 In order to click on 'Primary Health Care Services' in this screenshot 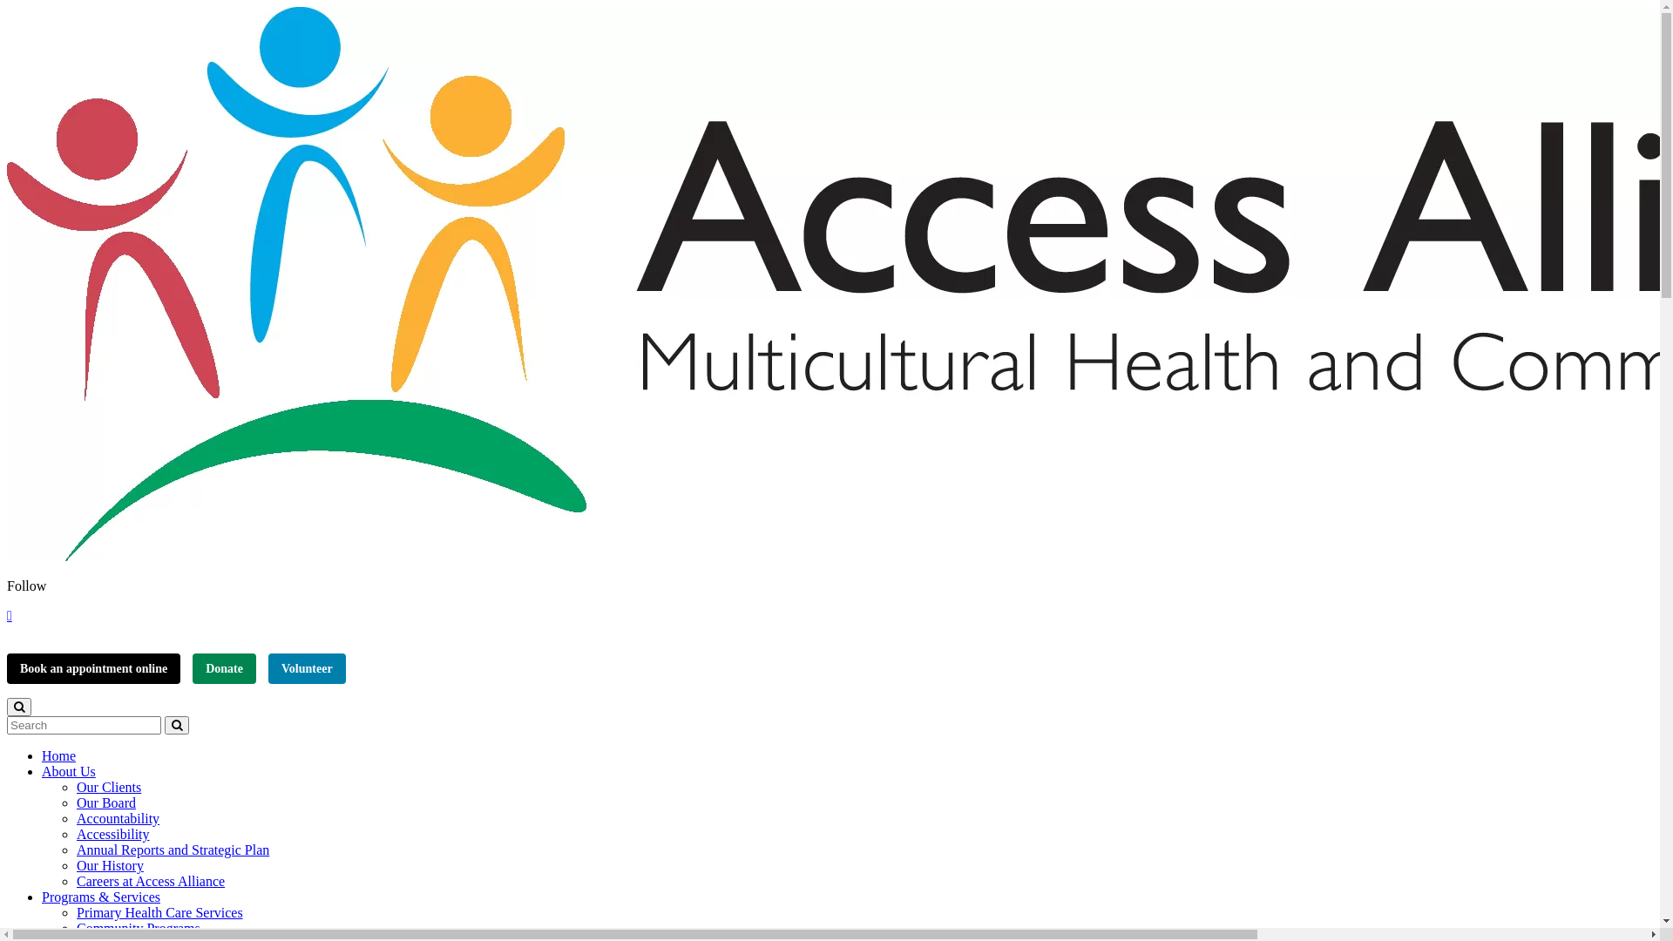, I will do `click(159, 911)`.